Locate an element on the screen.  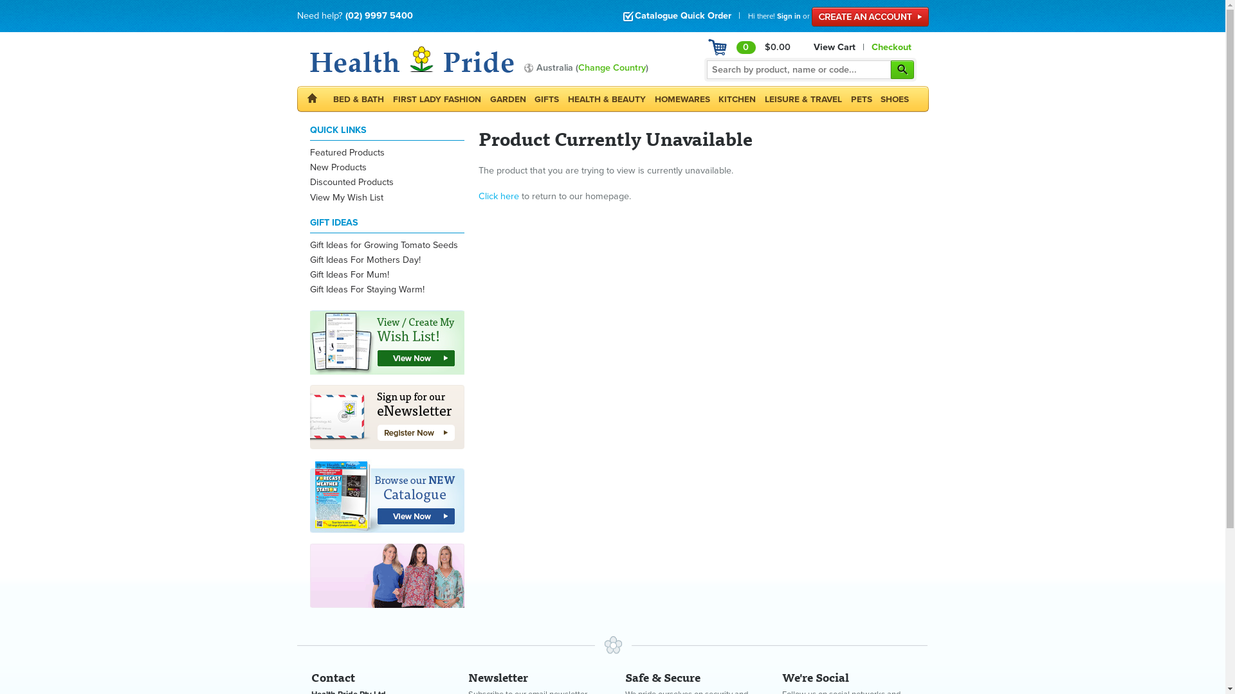
'SHOES' is located at coordinates (894, 98).